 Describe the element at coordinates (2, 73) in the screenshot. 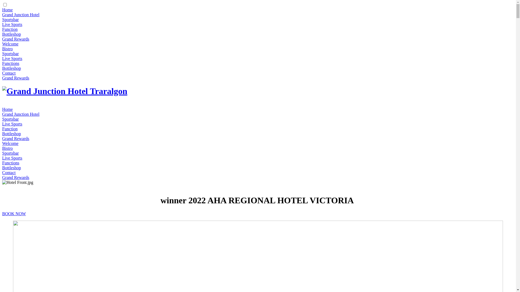

I see `'Contact'` at that location.